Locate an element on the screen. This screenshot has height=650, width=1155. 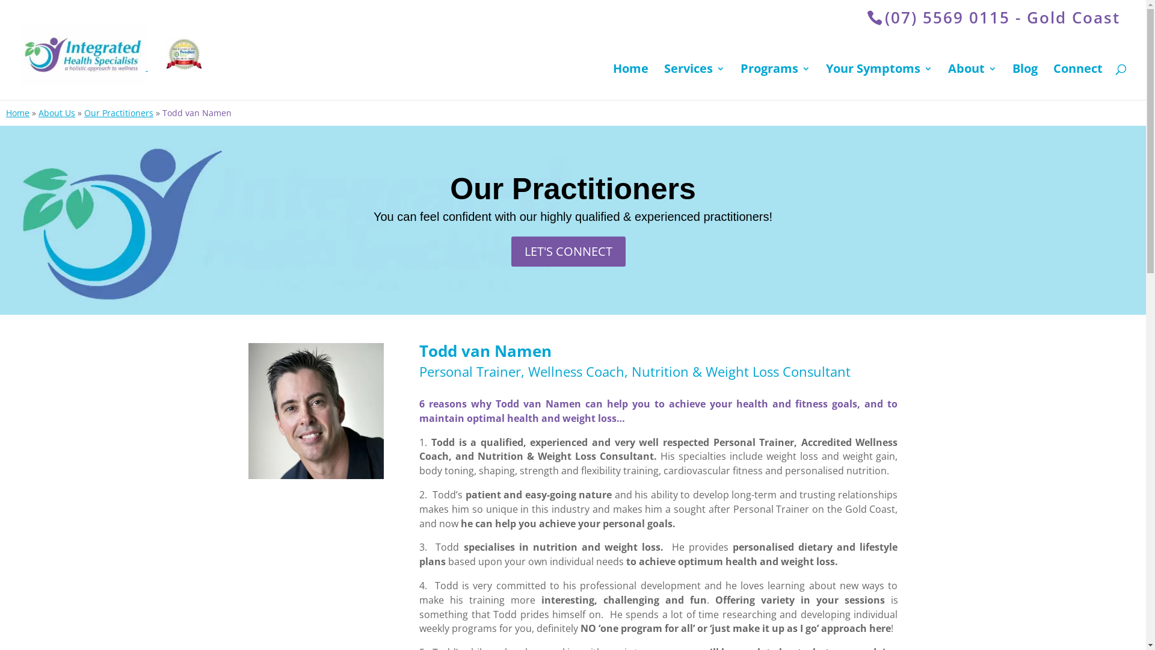
'Our Practitioners' is located at coordinates (83, 113).